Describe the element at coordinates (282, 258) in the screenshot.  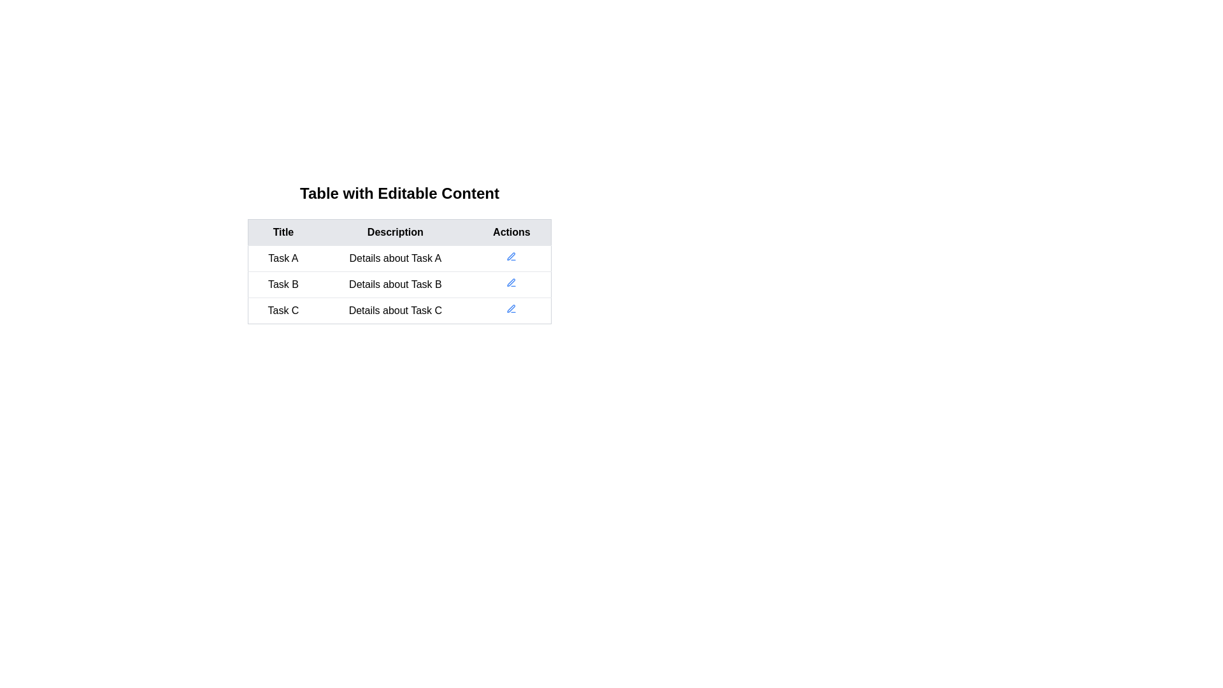
I see `the static text label 'Task A' which is located in the first row of the 'Title' column of the table` at that location.